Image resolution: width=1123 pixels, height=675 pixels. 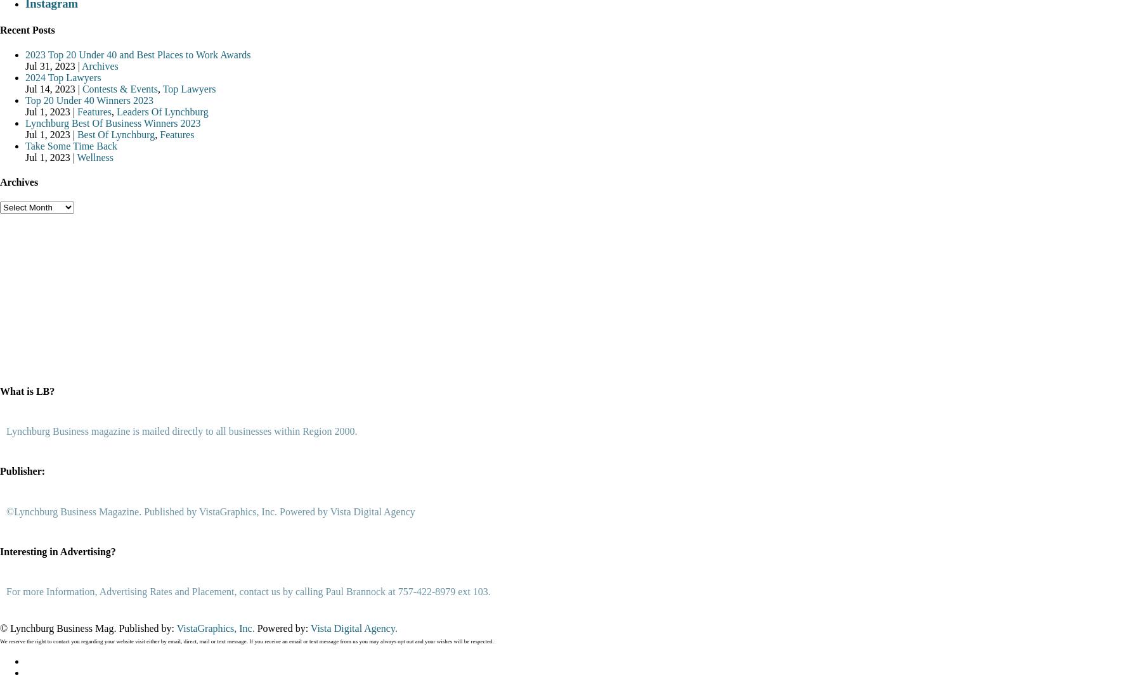 I want to click on 'For more Information, Advertising Rates and Placement, contact us by calling Paul Brannock at 757-422-8979 ext 103.', so click(x=248, y=591).